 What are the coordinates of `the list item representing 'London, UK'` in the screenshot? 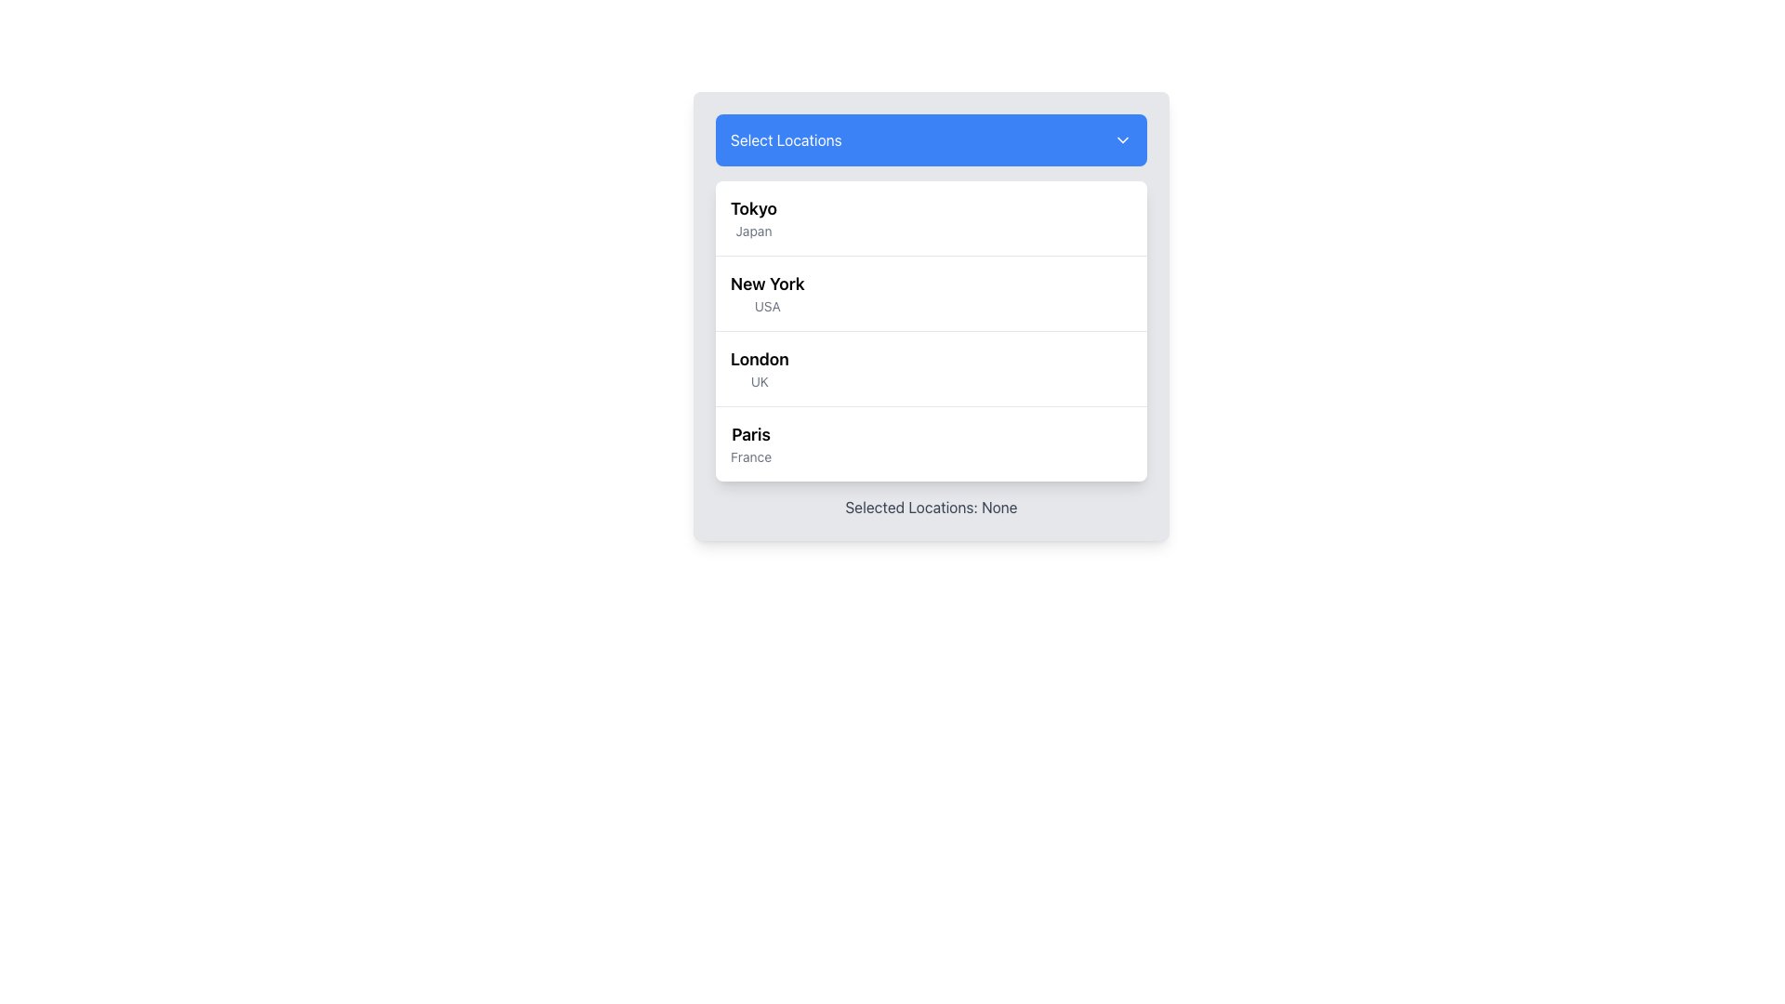 It's located at (932, 368).